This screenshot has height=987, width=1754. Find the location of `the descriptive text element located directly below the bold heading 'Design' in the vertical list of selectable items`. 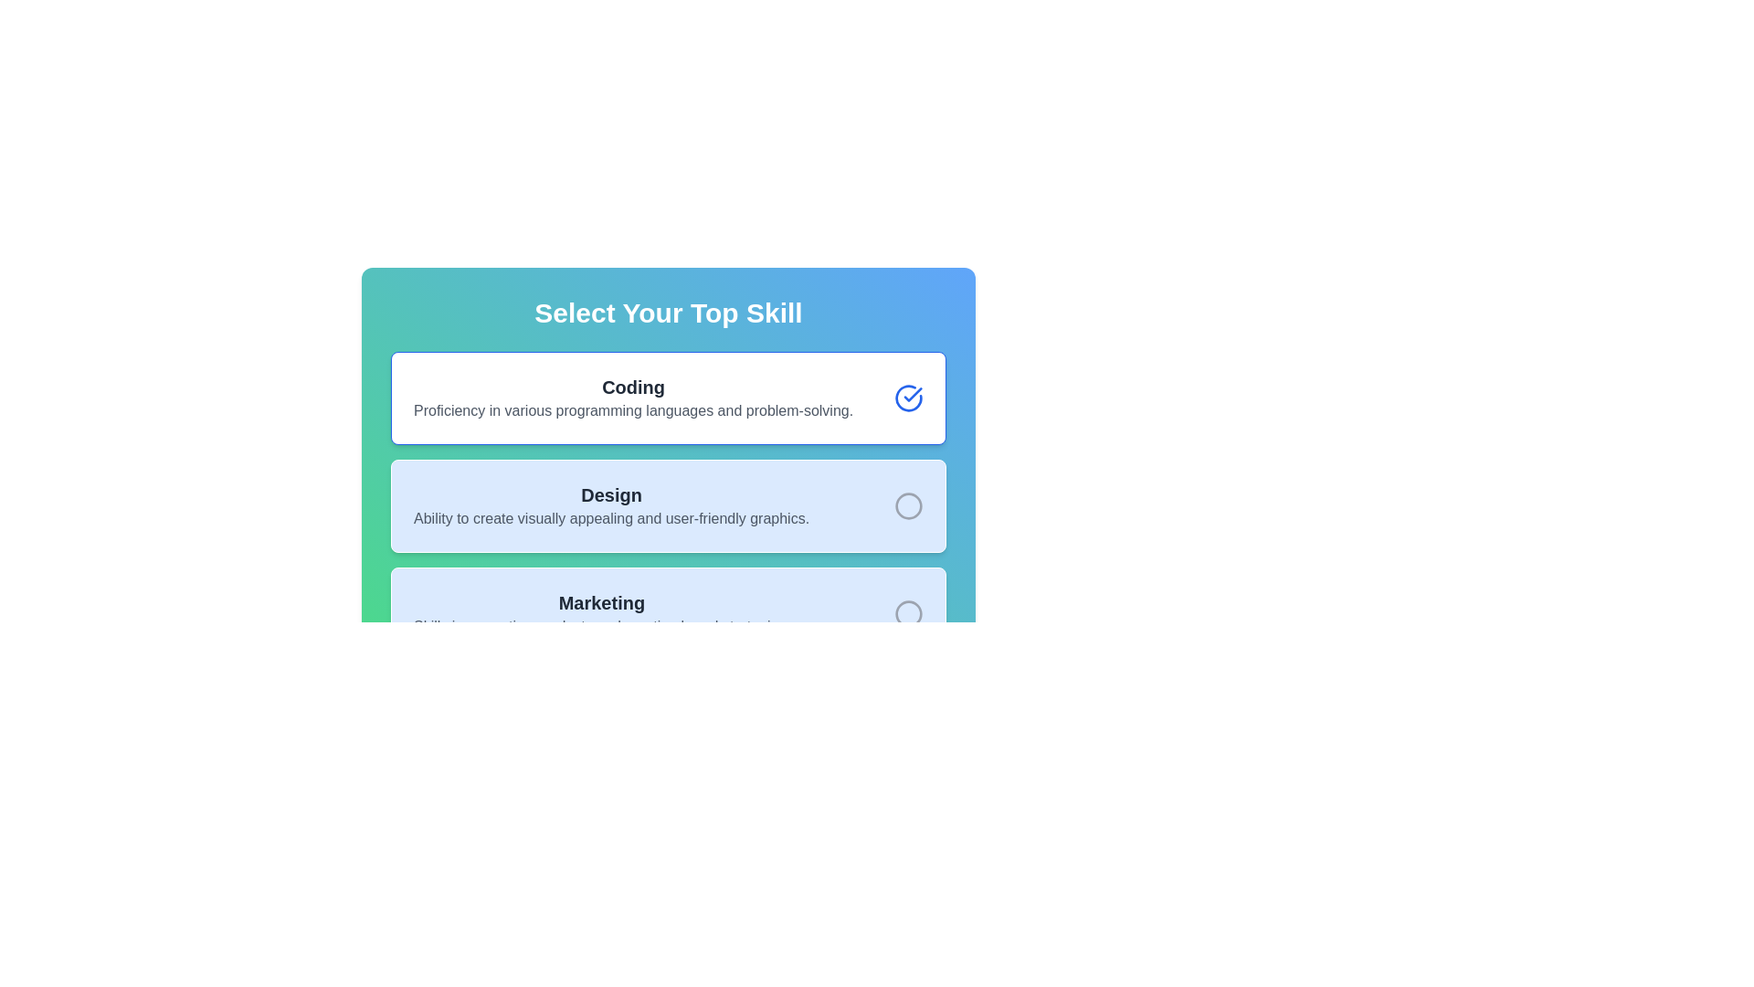

the descriptive text element located directly below the bold heading 'Design' in the vertical list of selectable items is located at coordinates (611, 518).